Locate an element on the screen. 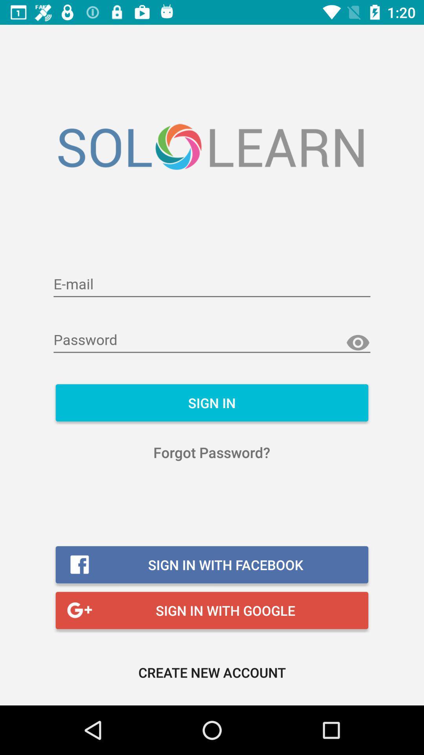  write password is located at coordinates (212, 340).